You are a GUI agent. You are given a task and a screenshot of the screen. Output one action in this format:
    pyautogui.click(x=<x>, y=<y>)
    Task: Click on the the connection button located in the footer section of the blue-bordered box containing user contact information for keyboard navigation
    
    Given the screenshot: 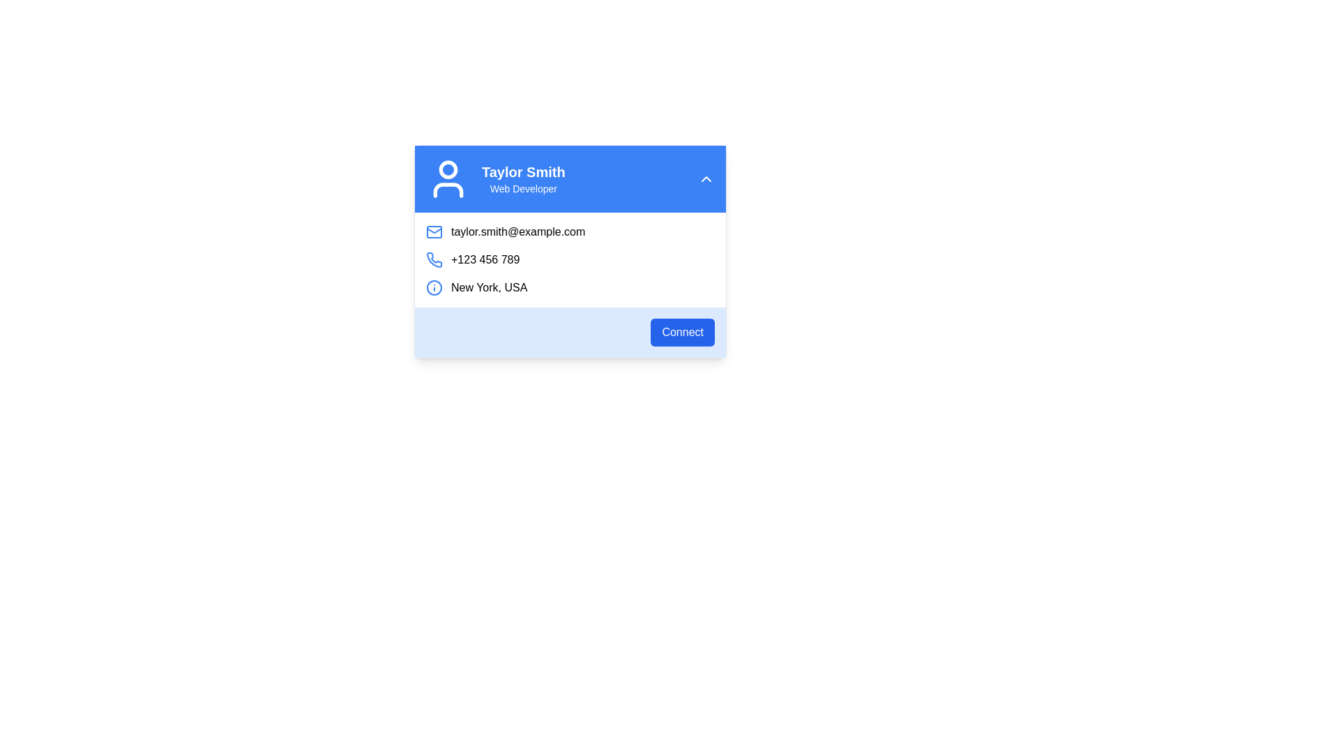 What is the action you would take?
    pyautogui.click(x=683, y=333)
    